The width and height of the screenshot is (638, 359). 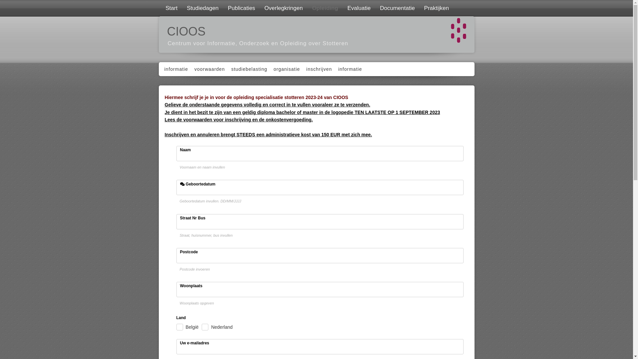 I want to click on 'Start', so click(x=170, y=8).